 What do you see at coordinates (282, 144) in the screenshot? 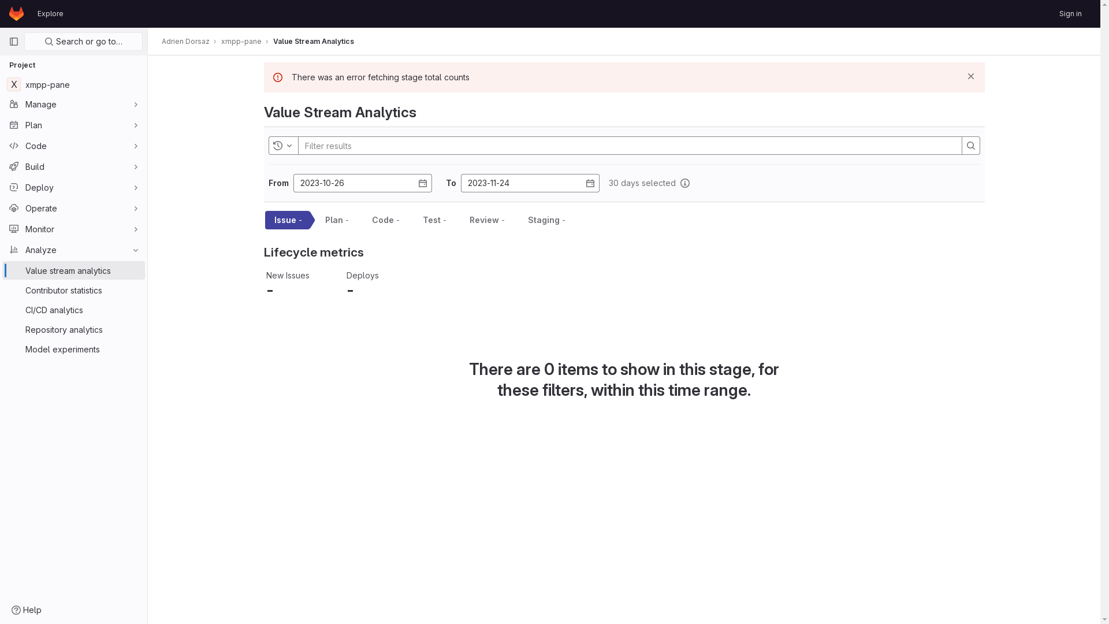
I see `'Toggle history'` at bounding box center [282, 144].